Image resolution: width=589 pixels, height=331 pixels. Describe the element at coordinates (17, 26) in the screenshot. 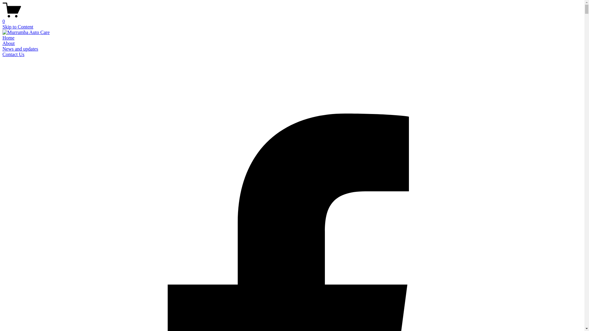

I see `'Skip to Content'` at that location.